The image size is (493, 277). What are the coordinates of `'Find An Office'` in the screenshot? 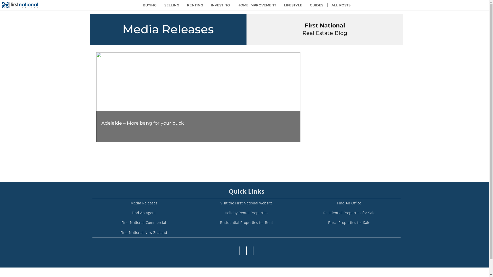 It's located at (349, 203).